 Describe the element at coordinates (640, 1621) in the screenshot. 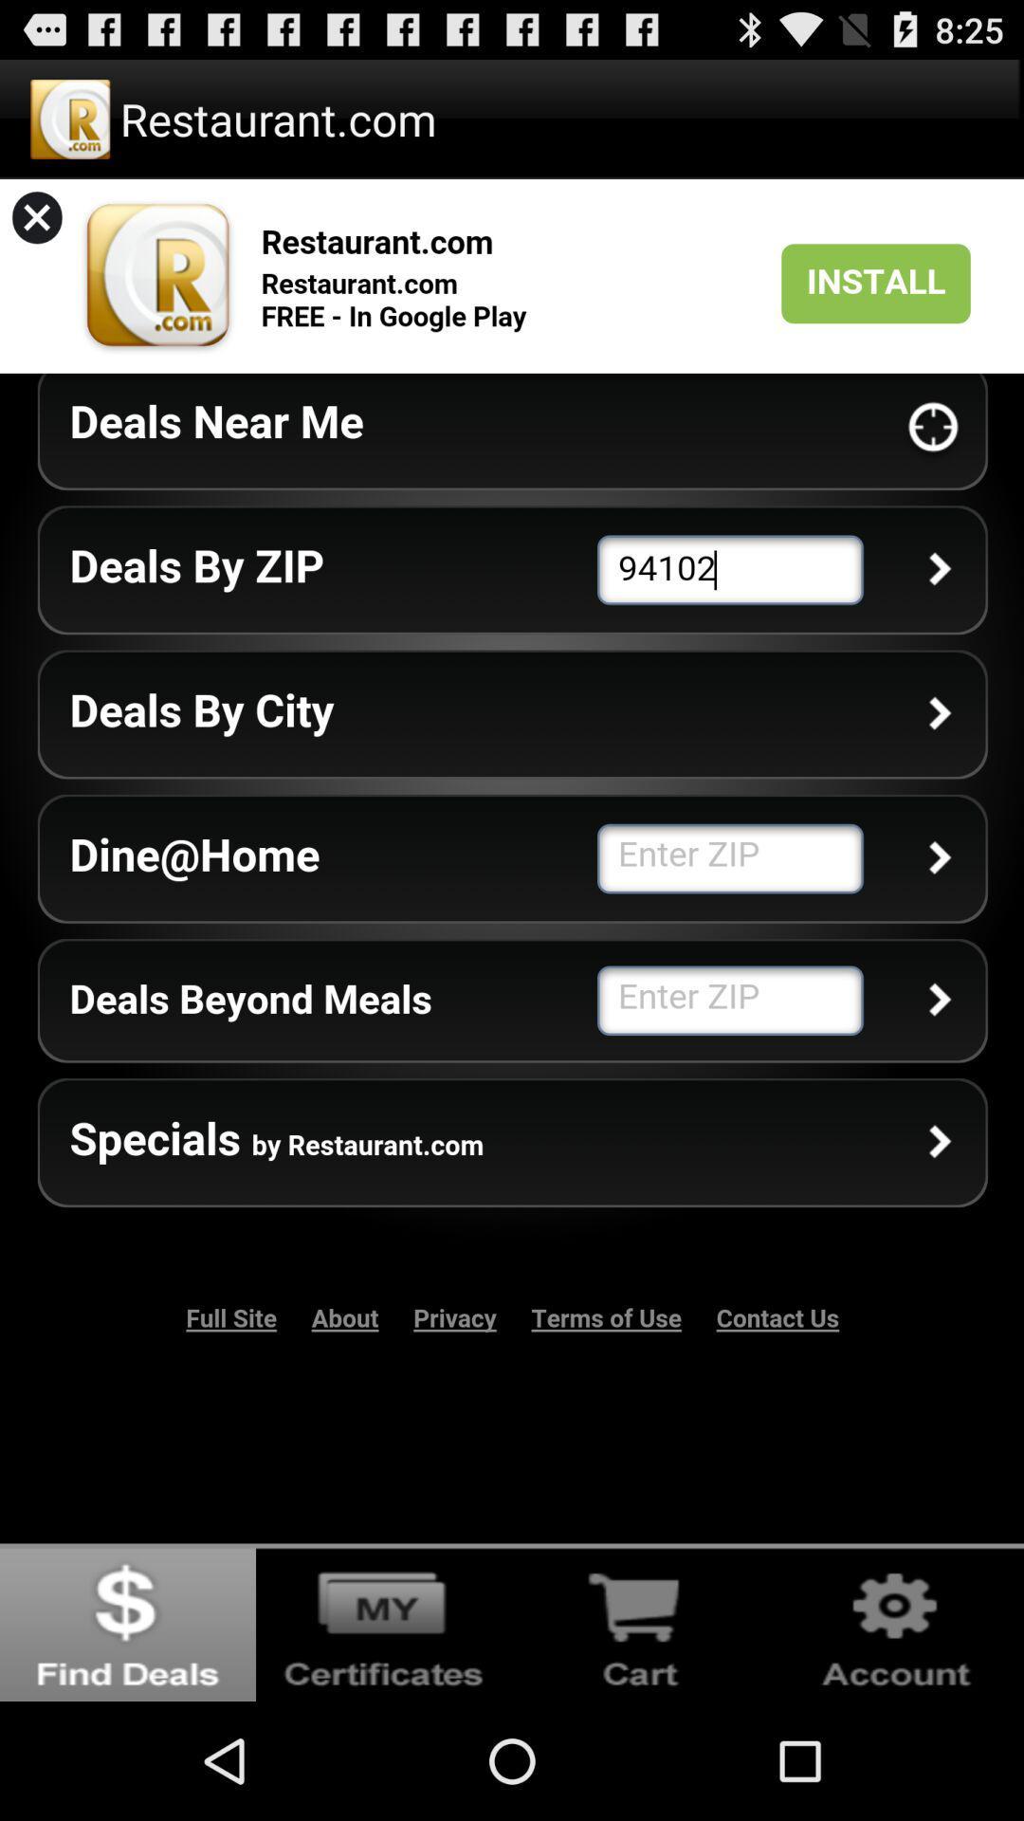

I see `cart box` at that location.